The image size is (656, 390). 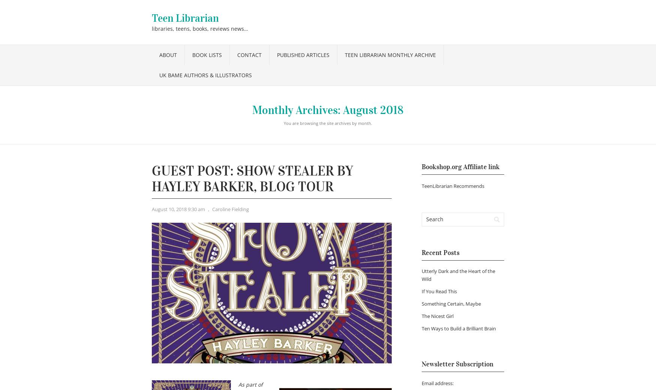 What do you see at coordinates (458, 275) in the screenshot?
I see `'Utterly Dark and the Heart of the Wild'` at bounding box center [458, 275].